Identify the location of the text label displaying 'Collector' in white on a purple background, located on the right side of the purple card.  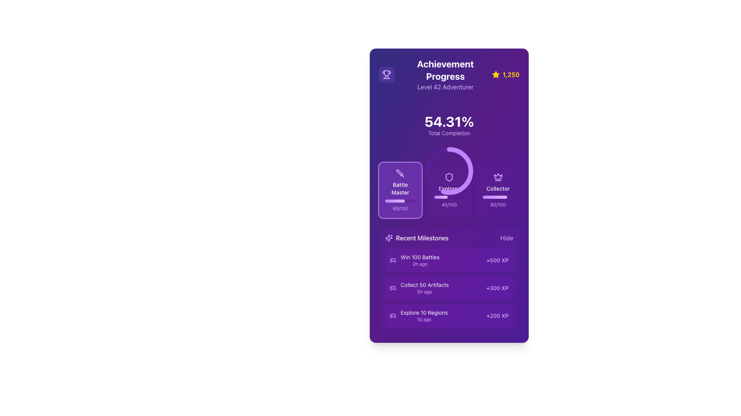
(498, 188).